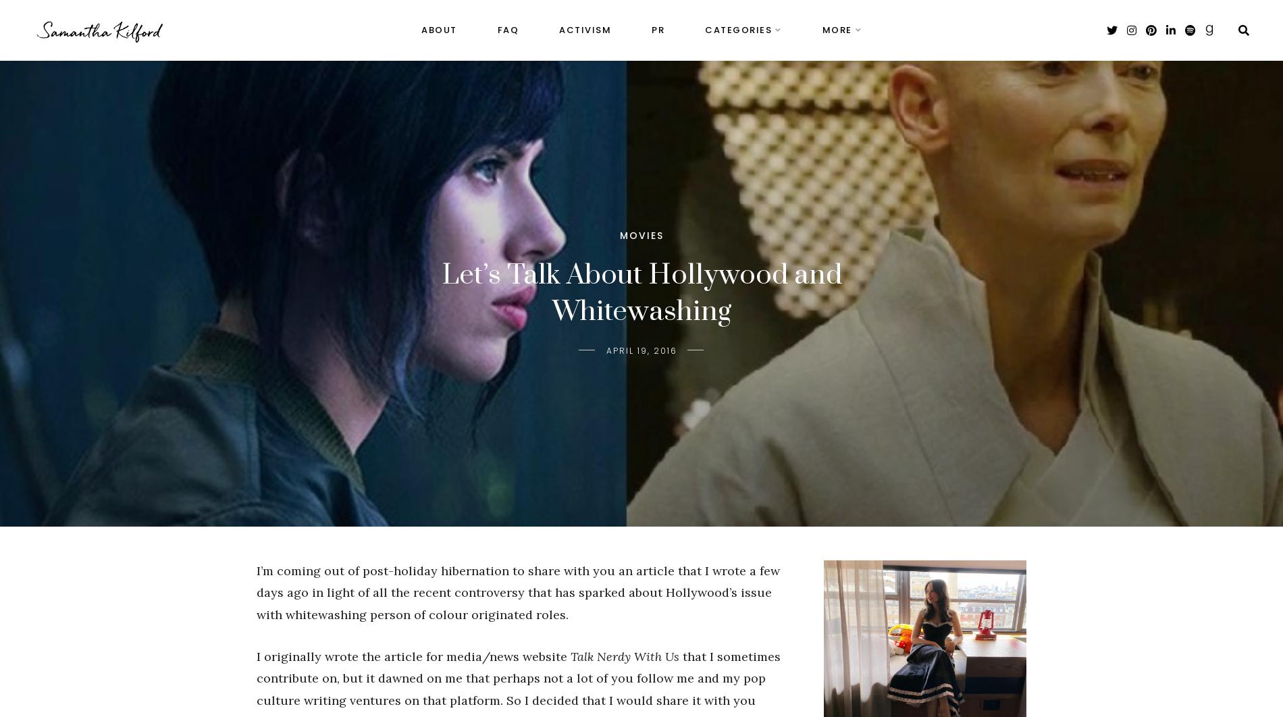  Describe the element at coordinates (507, 30) in the screenshot. I see `'FAQ'` at that location.